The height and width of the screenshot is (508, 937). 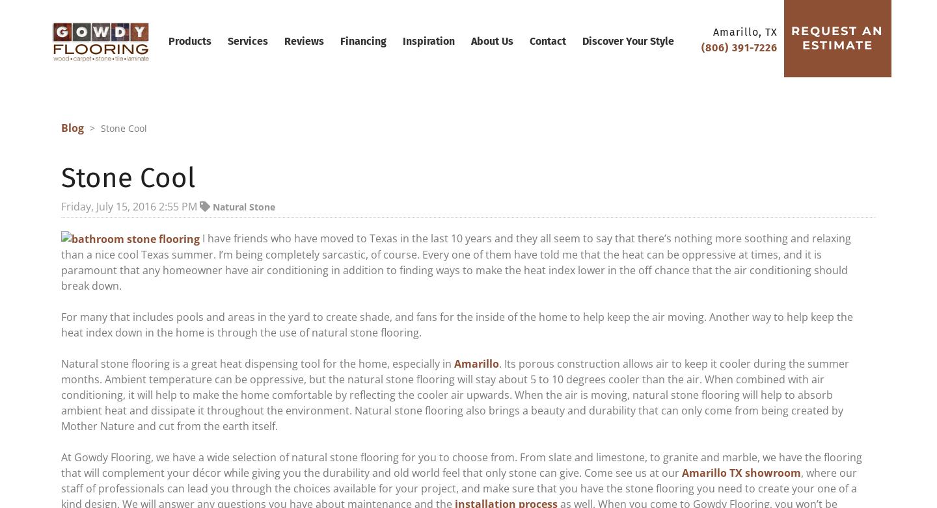 What do you see at coordinates (711, 32) in the screenshot?
I see `'Amarillo, TX'` at bounding box center [711, 32].